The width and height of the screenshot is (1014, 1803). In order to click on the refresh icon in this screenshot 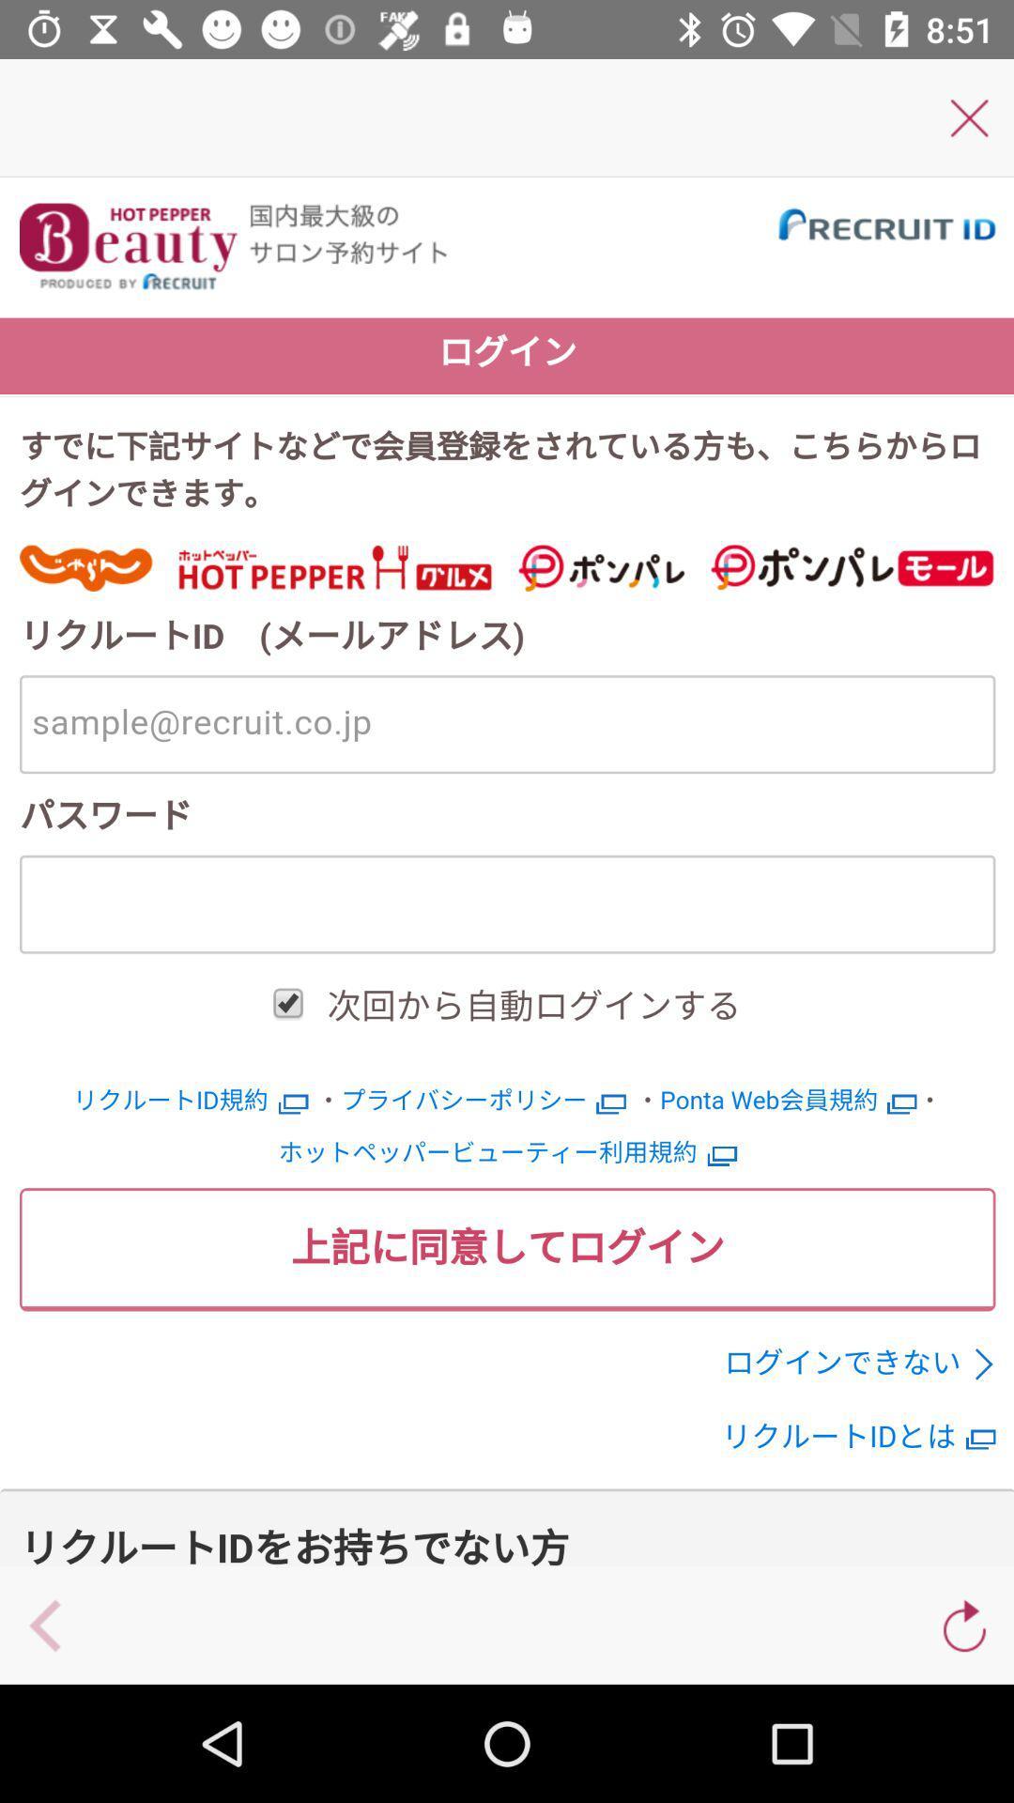, I will do `click(964, 1625)`.